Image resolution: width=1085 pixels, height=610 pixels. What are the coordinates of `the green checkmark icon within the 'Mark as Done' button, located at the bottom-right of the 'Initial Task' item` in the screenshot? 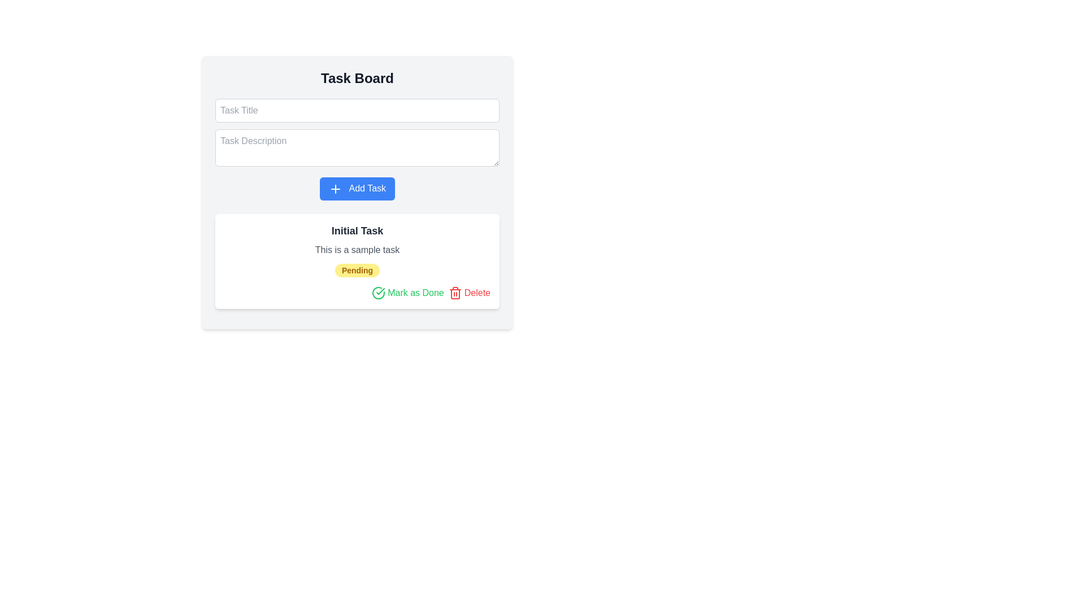 It's located at (380, 290).